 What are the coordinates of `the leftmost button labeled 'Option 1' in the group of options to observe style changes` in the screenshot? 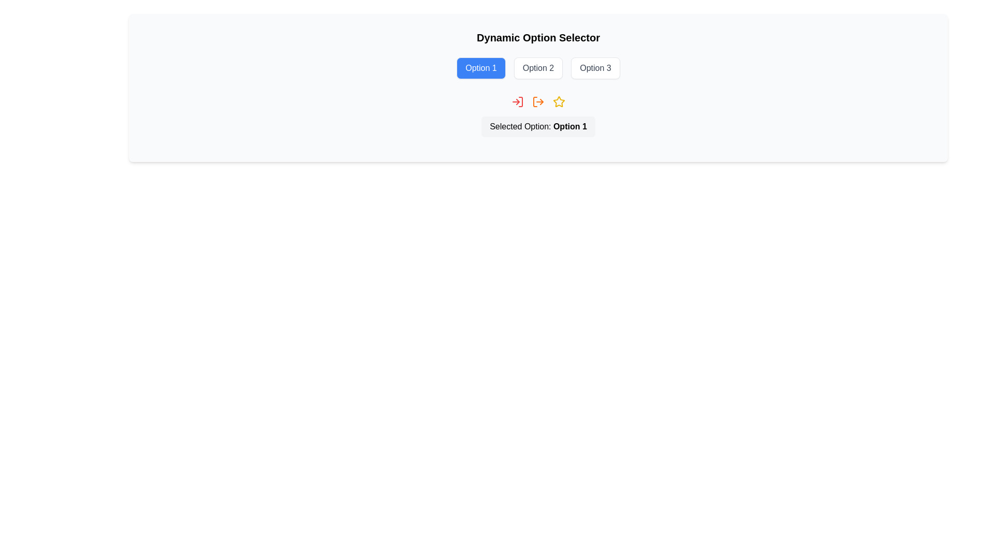 It's located at (480, 68).